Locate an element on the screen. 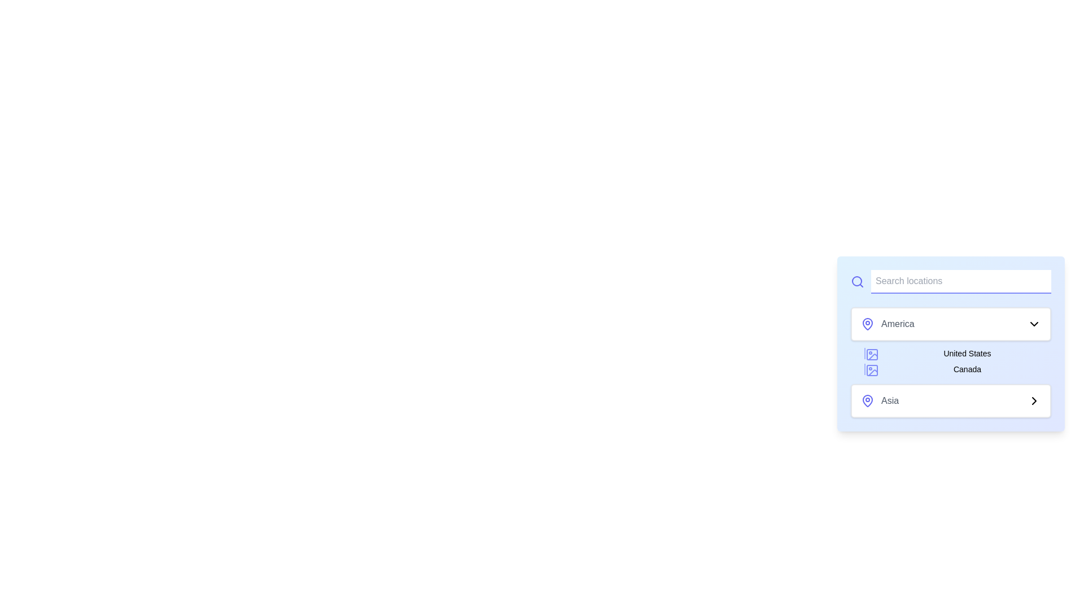 This screenshot has height=610, width=1084. the text label reading 'America', which is styled in gray and positioned to the right of a blue map-pin icon within a dropdown section is located at coordinates (897, 324).